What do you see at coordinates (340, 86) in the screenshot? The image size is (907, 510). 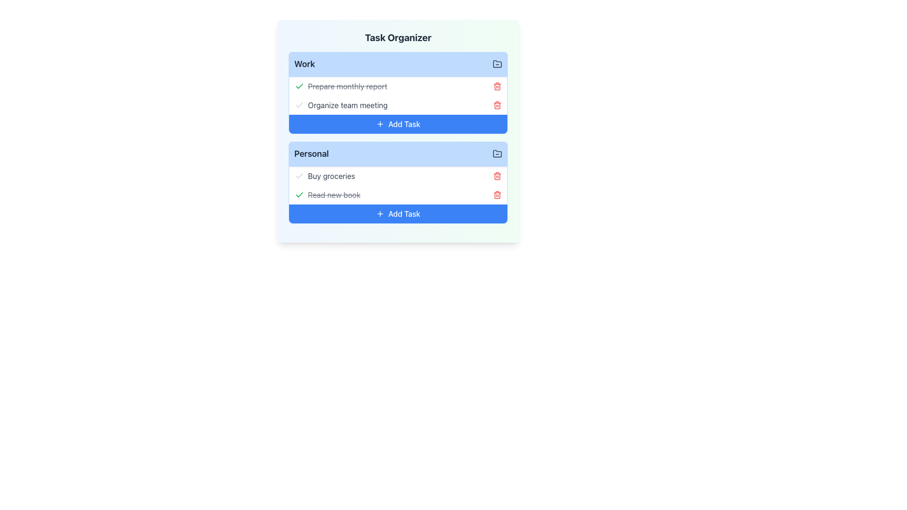 I see `the completed task item labeled with a strikethrough style and a green checkmark` at bounding box center [340, 86].